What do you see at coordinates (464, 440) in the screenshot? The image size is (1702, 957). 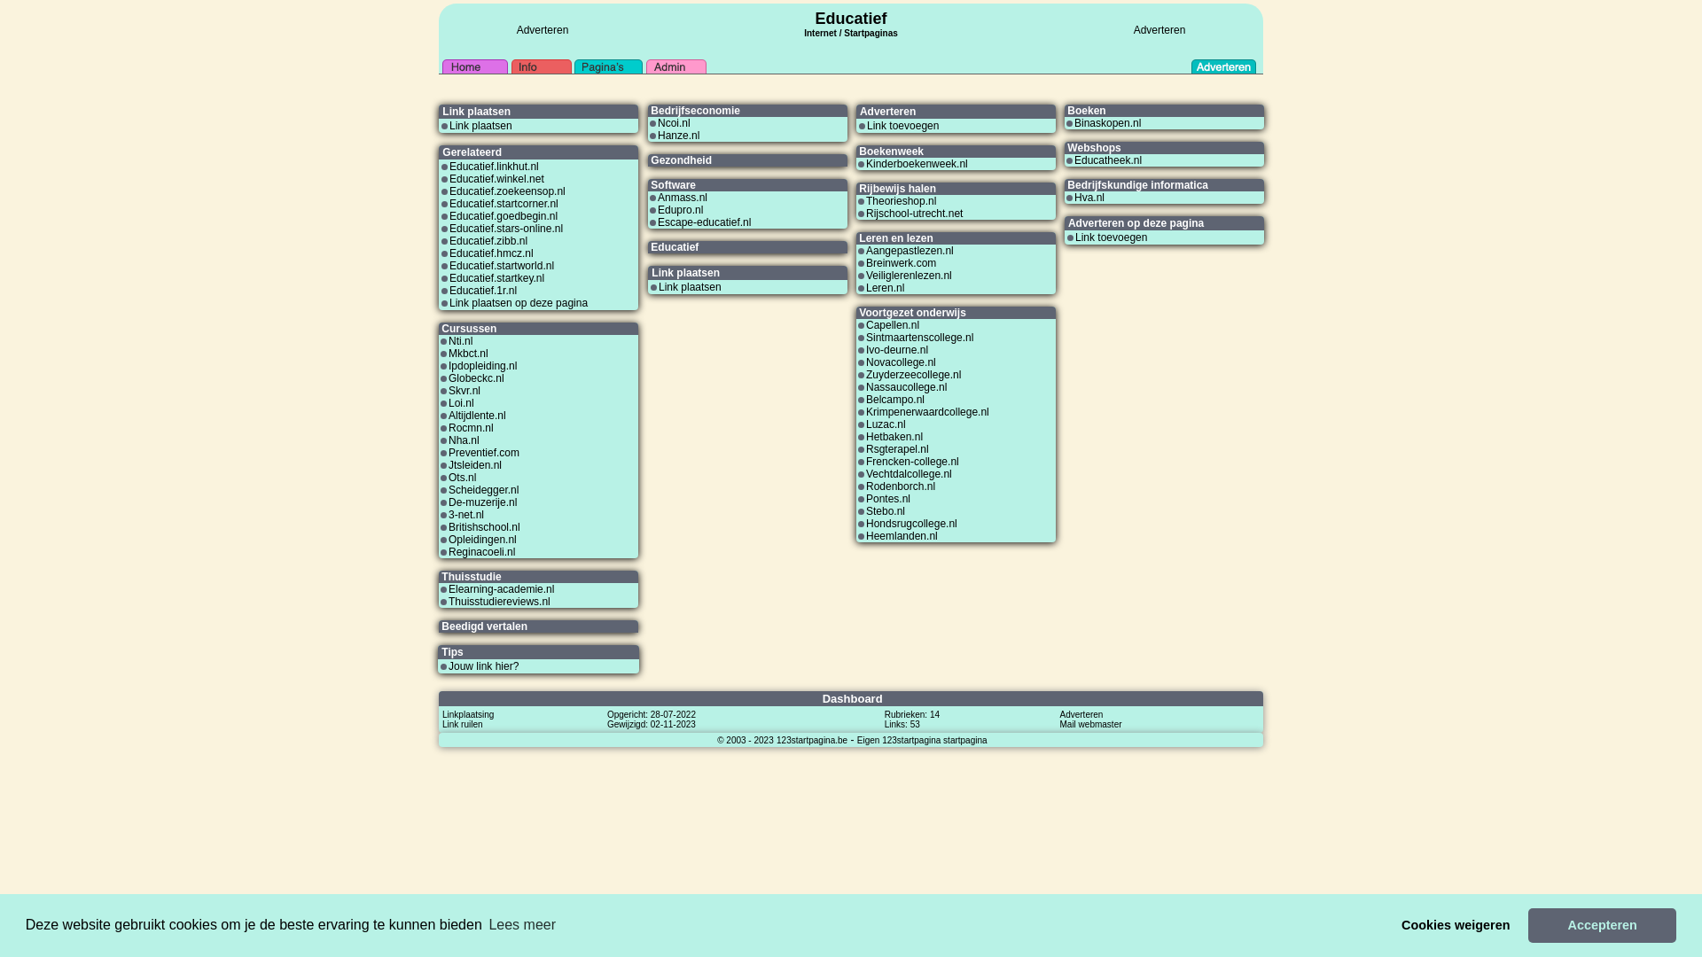 I see `'Nha.nl'` at bounding box center [464, 440].